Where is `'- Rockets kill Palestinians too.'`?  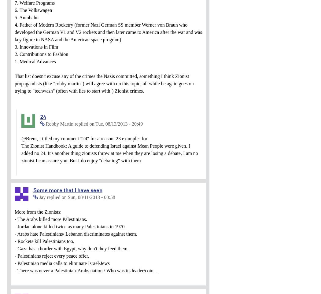 '- Rockets kill Palestinians too.' is located at coordinates (44, 241).